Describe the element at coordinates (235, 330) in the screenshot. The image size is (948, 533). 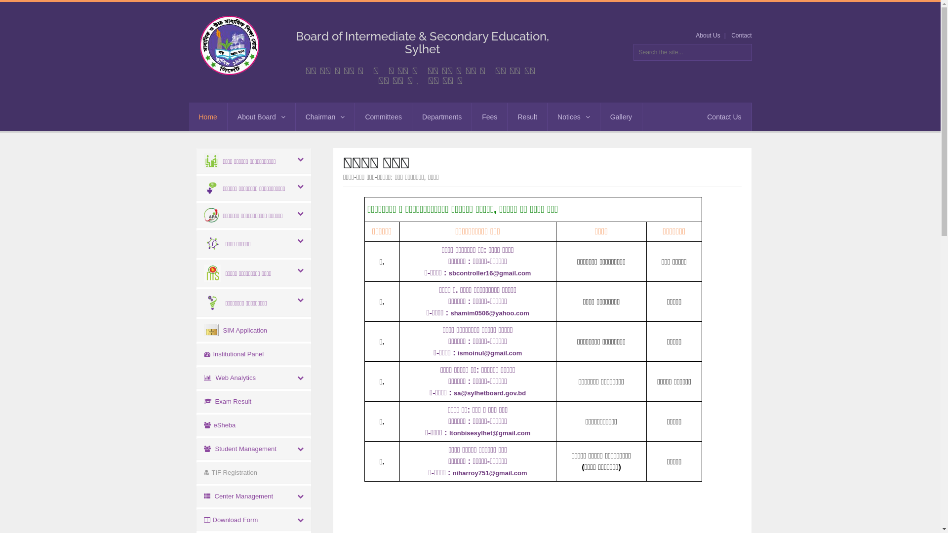
I see `'   SIM Application'` at that location.